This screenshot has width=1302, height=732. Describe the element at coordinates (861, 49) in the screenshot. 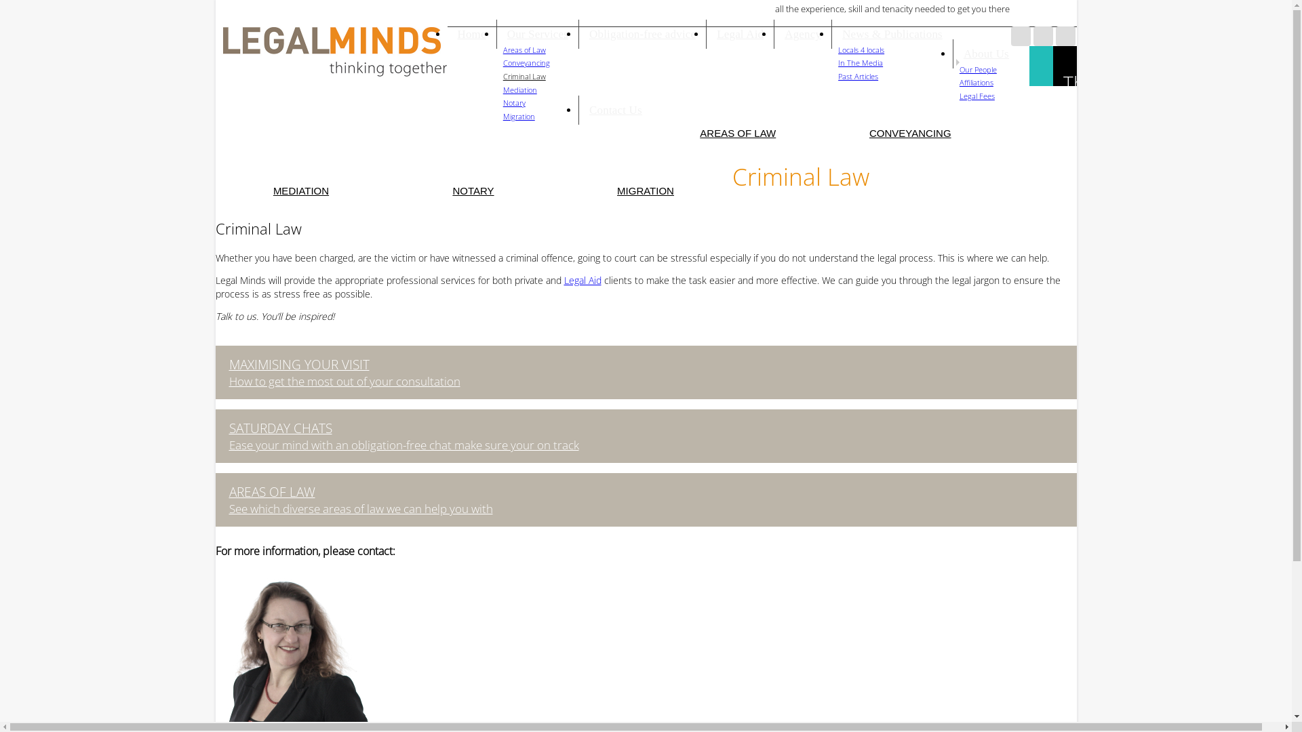

I see `'Locals 4 locals'` at that location.